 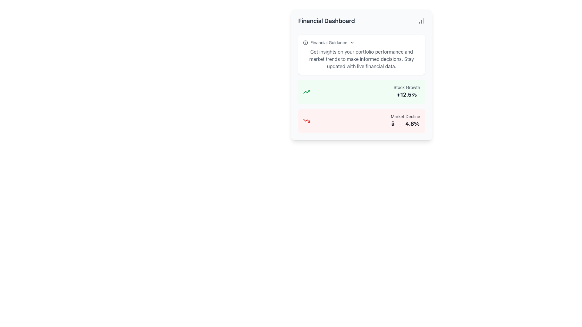 I want to click on the Heading text element, which serves as the title for the dashboard section, located towards the left side of the header region, so click(x=326, y=21).